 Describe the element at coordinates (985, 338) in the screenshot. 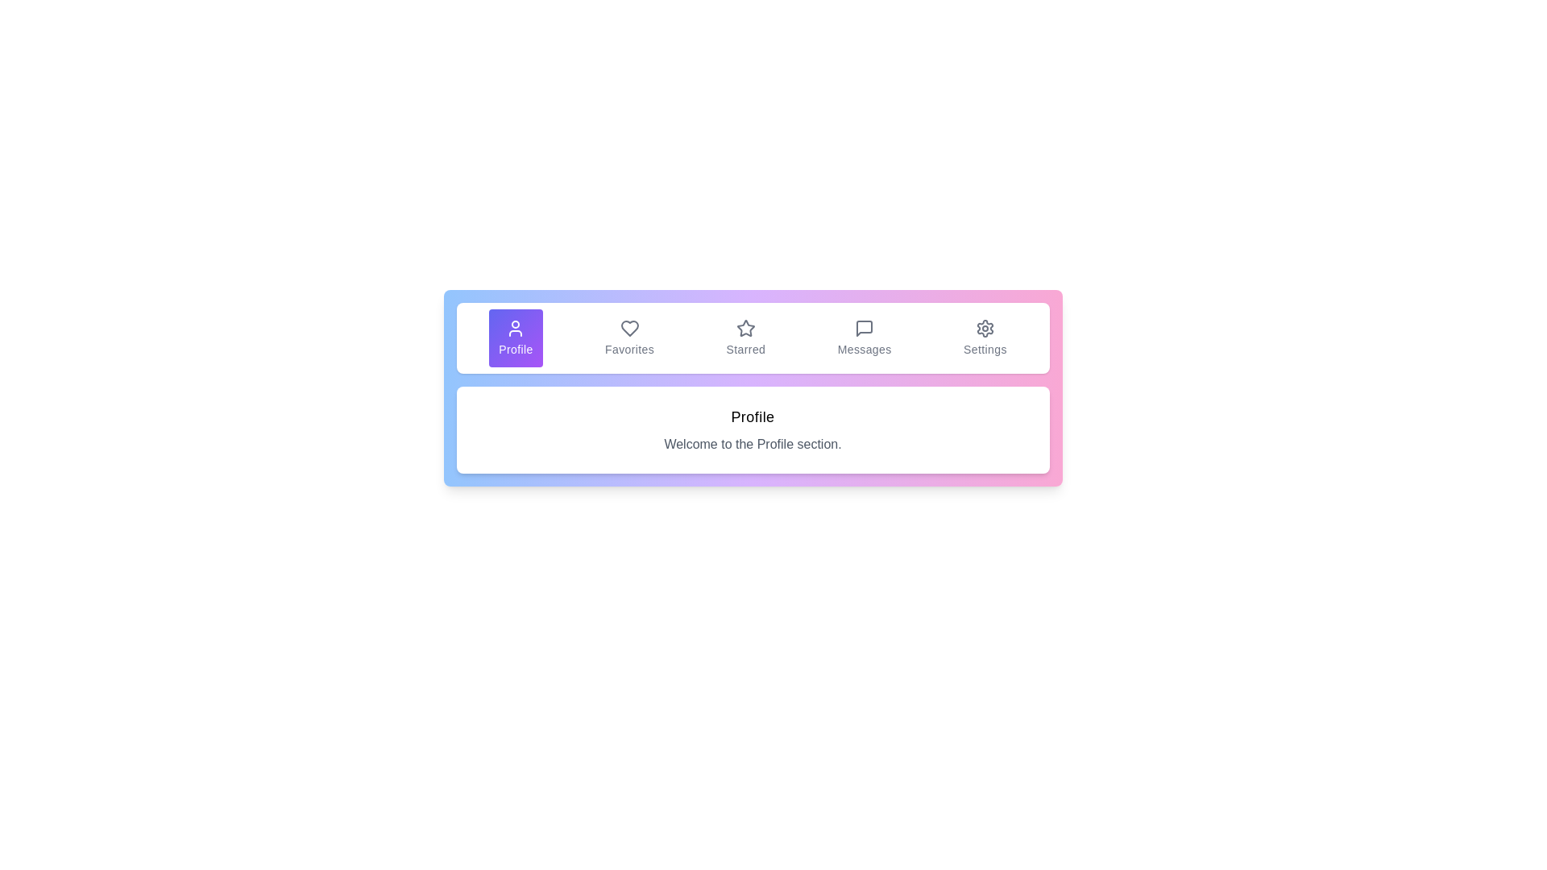

I see `the tab labeled Settings` at that location.